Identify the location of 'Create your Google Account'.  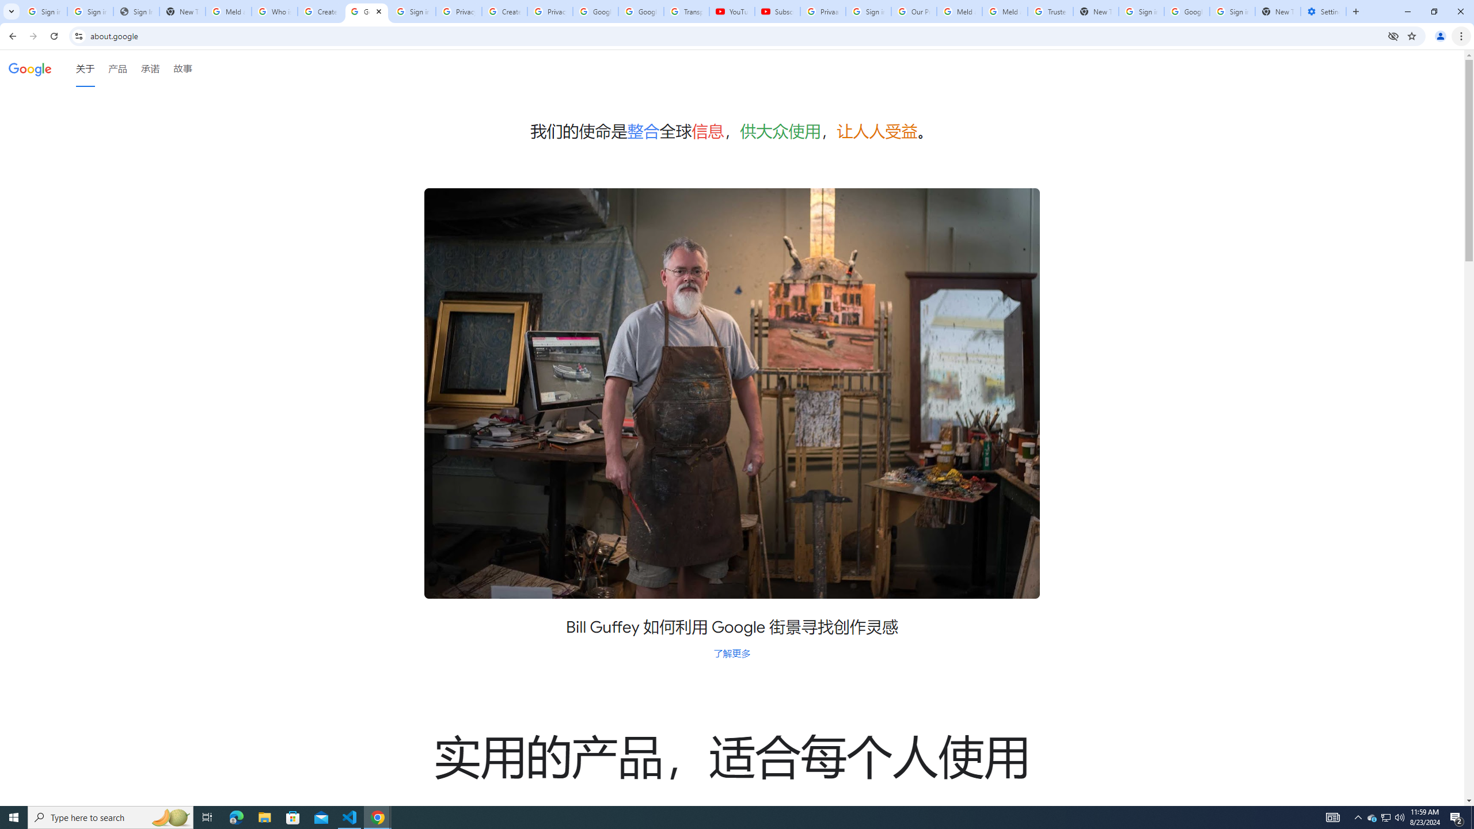
(504, 11).